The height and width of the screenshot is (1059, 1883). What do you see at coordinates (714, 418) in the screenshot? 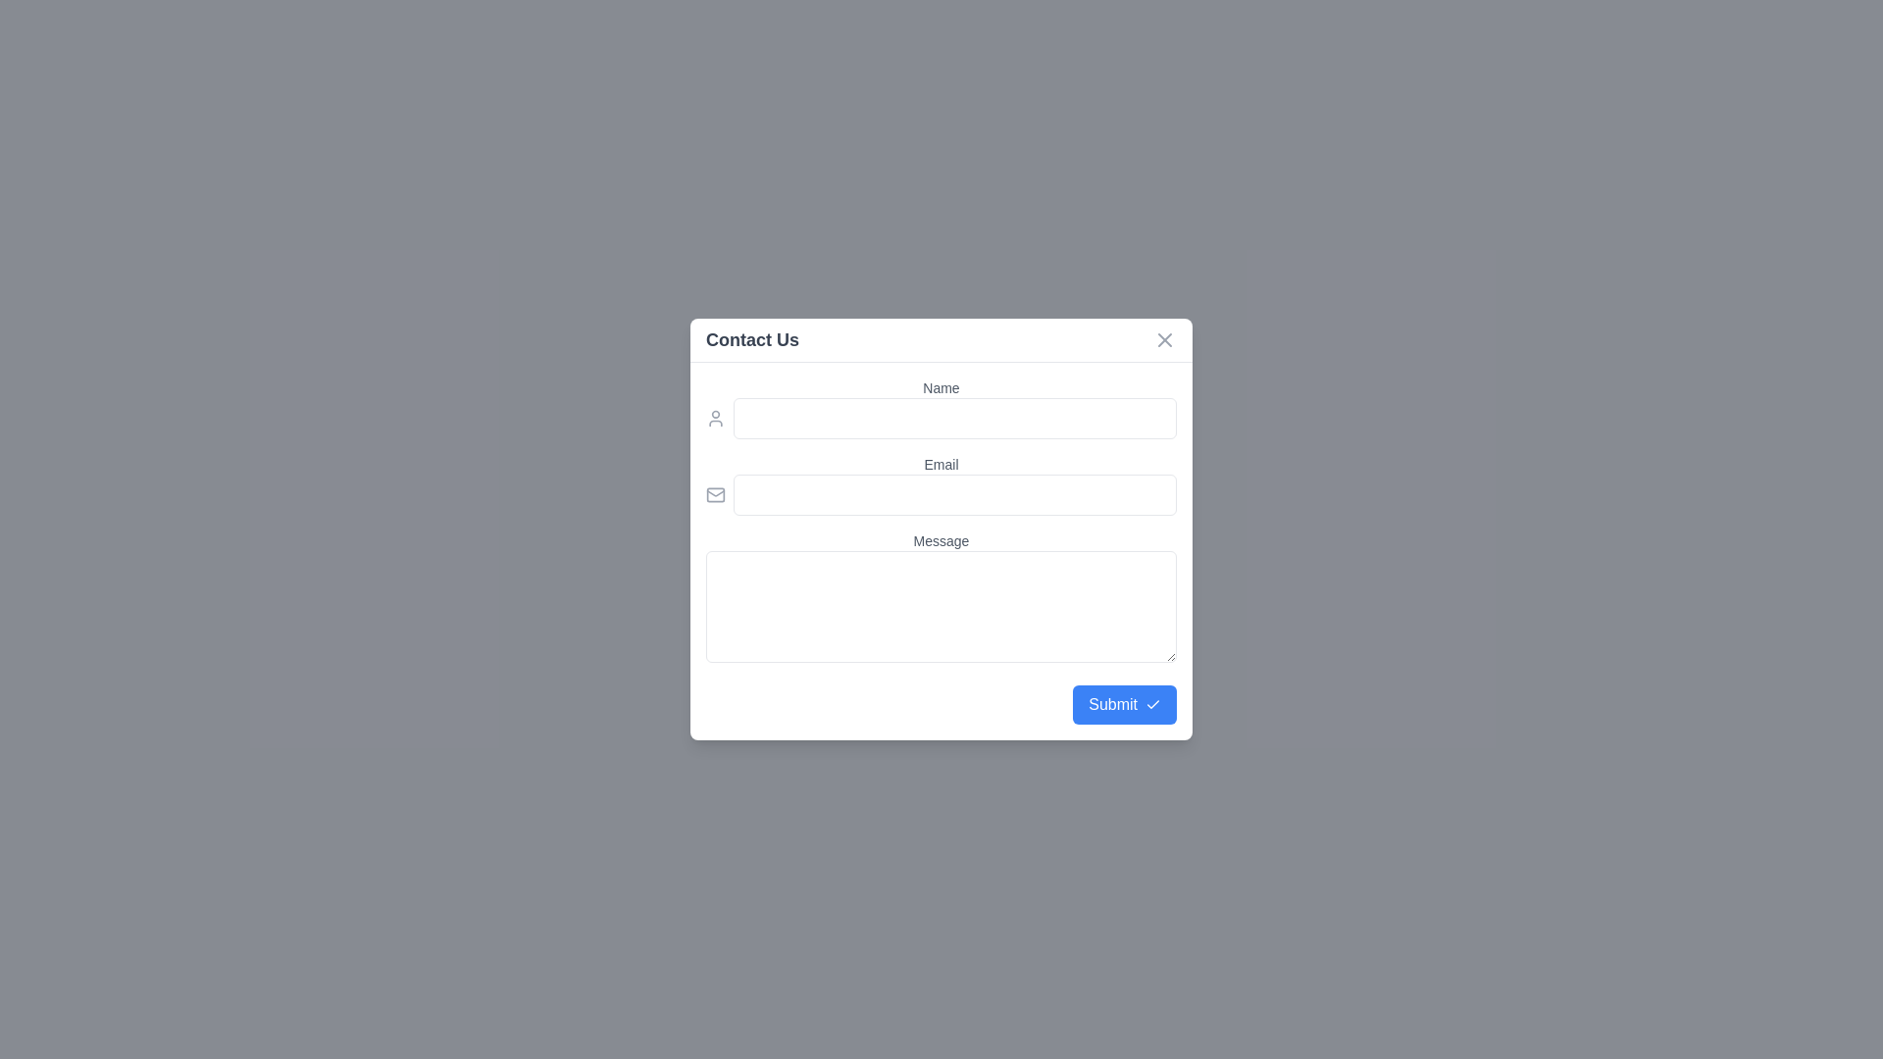
I see `the icon that indicates the input field for the user's name, located to the left of the 'Name' input field` at bounding box center [714, 418].